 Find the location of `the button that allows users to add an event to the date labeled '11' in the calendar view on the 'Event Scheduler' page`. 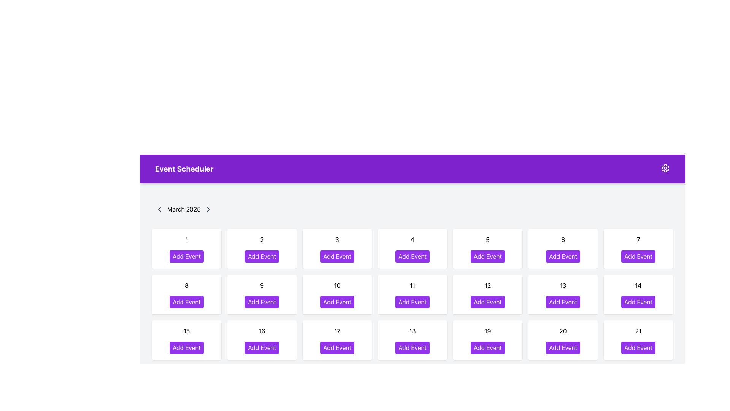

the button that allows users to add an event to the date labeled '11' in the calendar view on the 'Event Scheduler' page is located at coordinates (412, 302).